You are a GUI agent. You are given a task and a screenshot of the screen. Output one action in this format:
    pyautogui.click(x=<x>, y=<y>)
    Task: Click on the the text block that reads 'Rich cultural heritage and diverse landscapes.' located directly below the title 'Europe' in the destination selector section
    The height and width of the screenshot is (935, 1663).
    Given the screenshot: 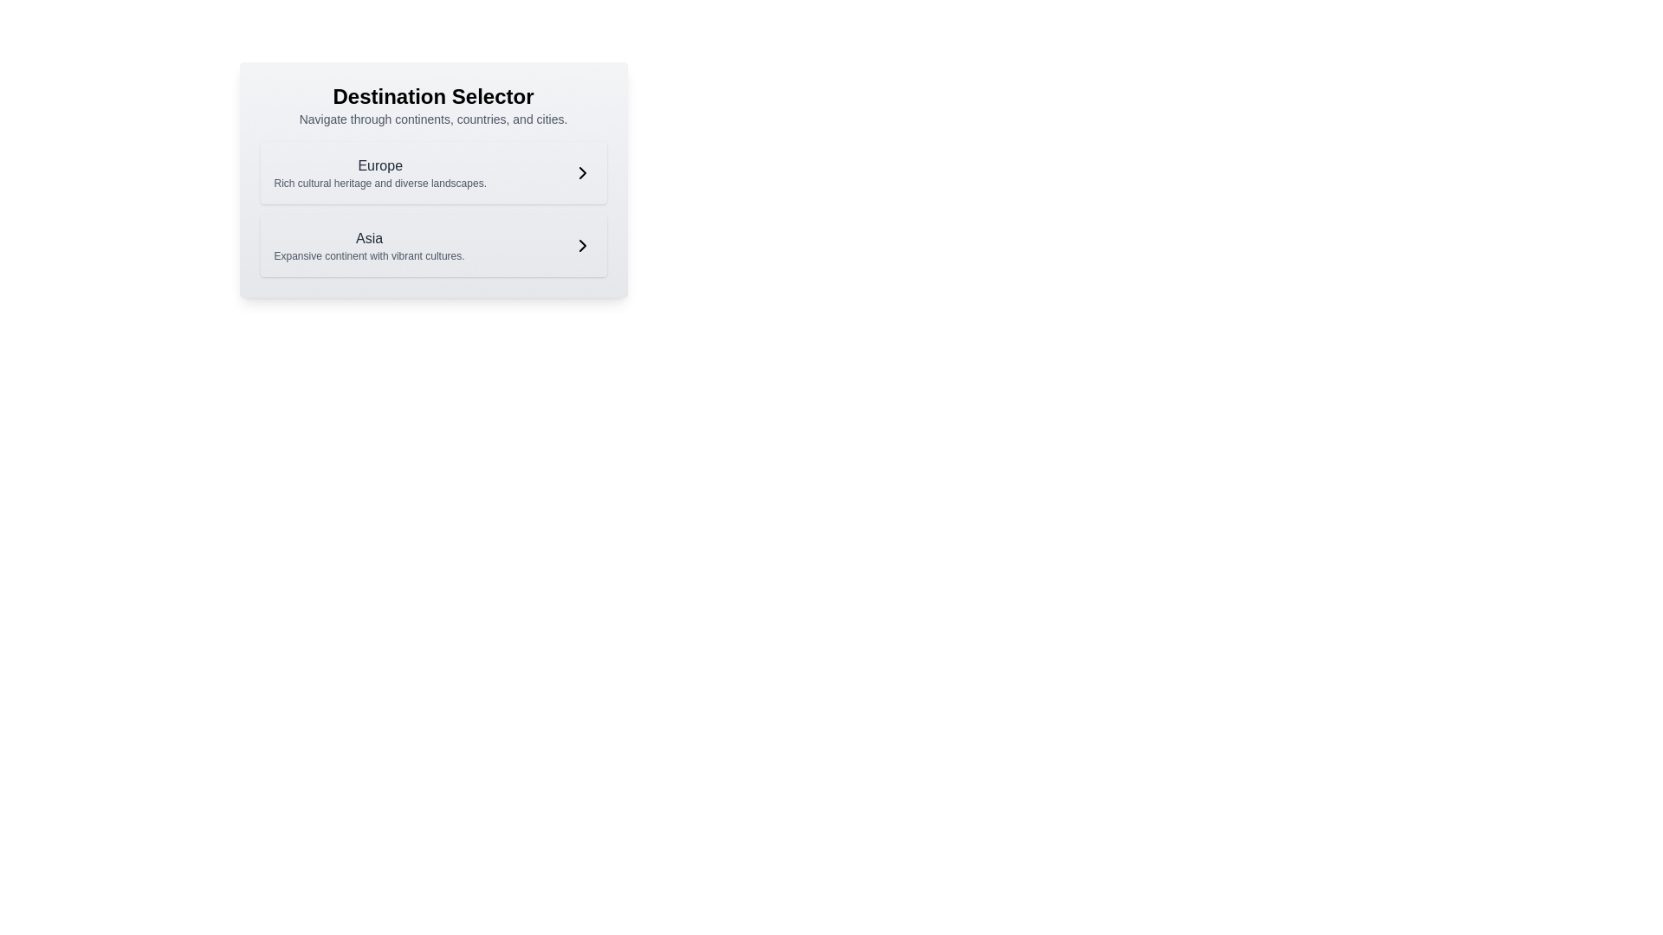 What is the action you would take?
    pyautogui.click(x=379, y=184)
    